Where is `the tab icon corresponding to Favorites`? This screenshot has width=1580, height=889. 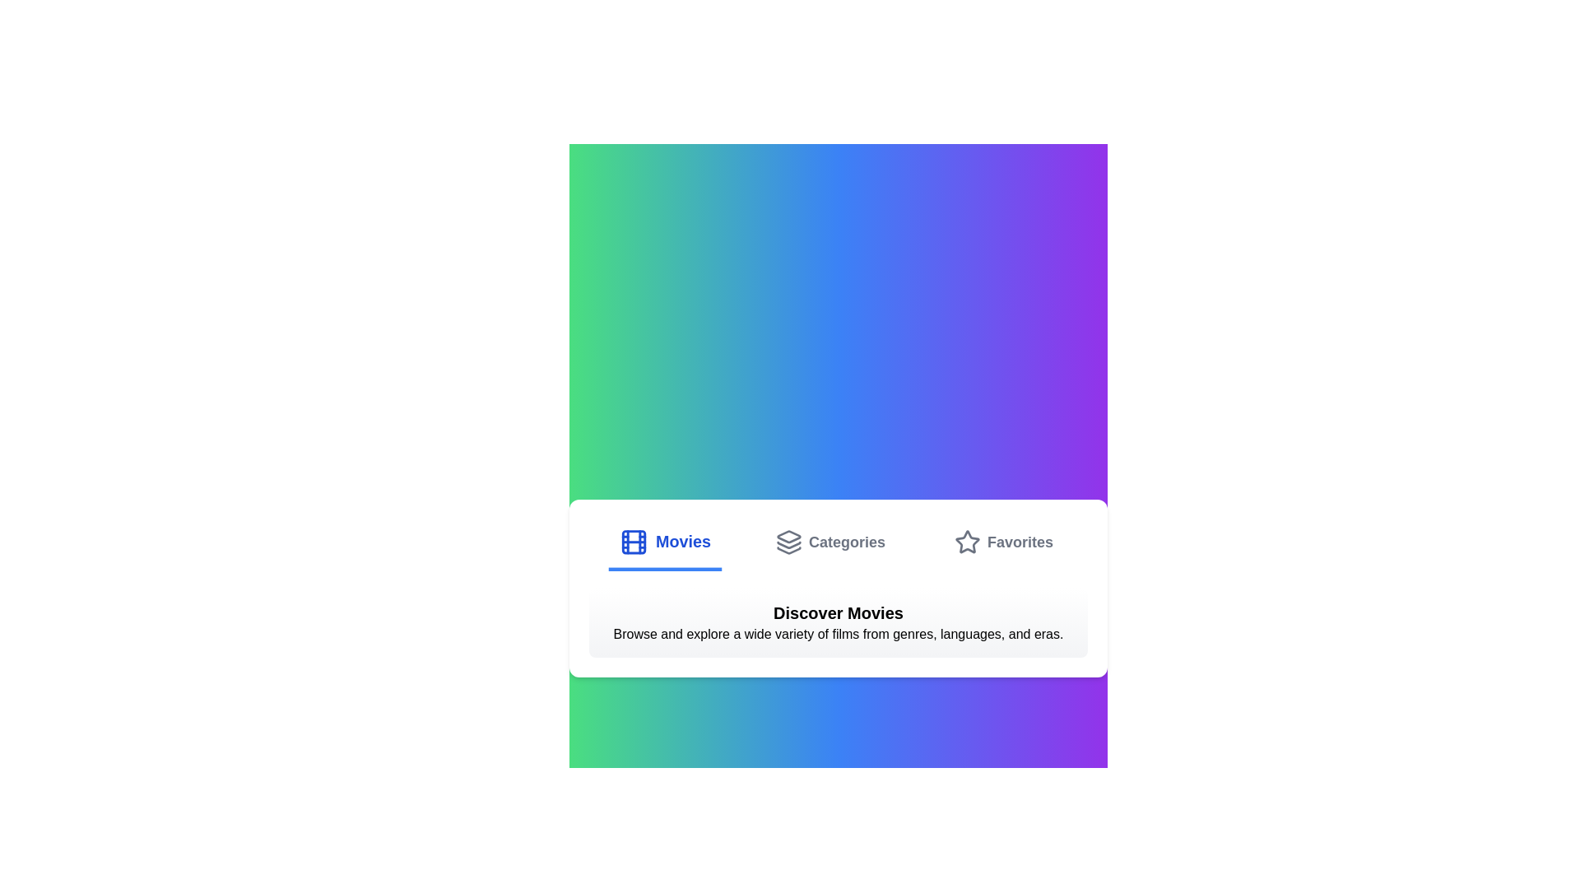 the tab icon corresponding to Favorites is located at coordinates (963, 542).